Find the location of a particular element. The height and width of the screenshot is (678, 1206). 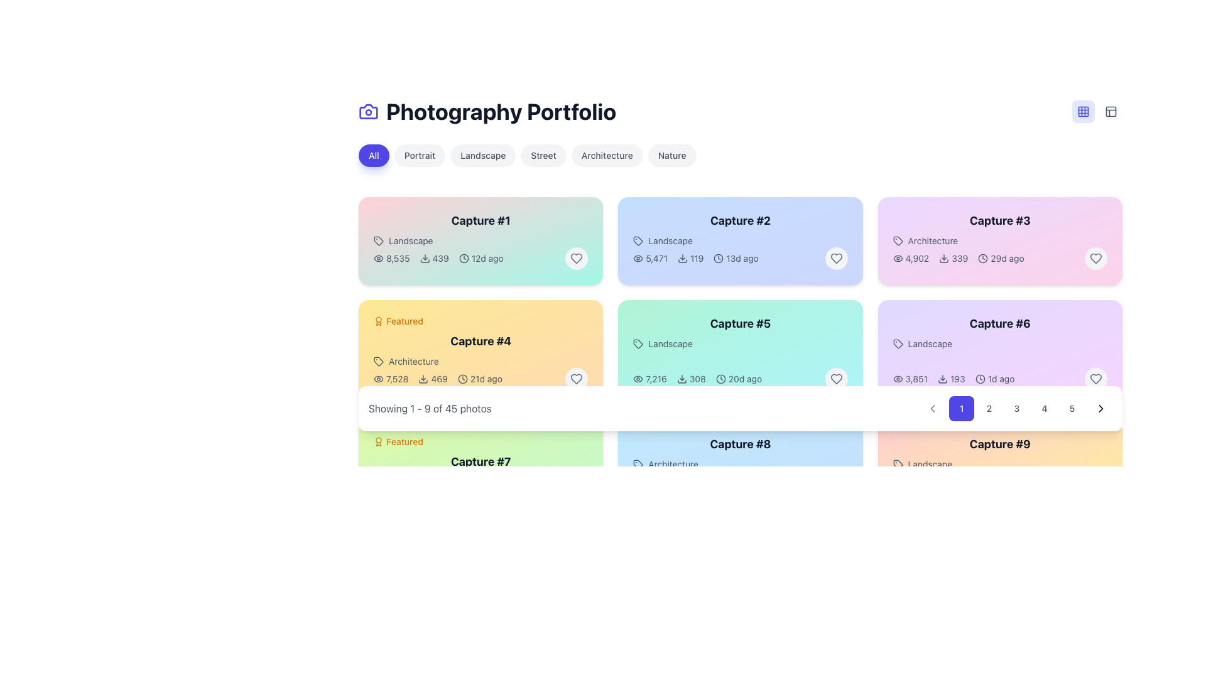

the maximize button located in the top-right corner of the 'Capture #4' card in the Photography Portfolio interface is located at coordinates (581, 321).